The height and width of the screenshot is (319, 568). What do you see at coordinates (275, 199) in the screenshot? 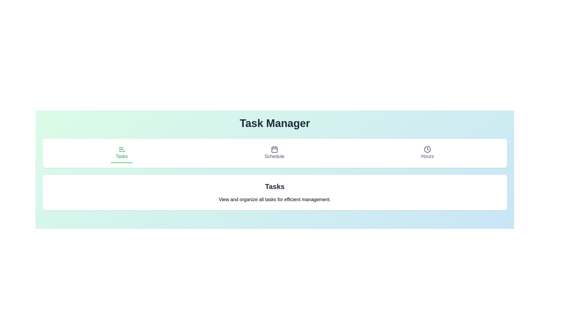
I see `the informational text that reads 'View and organize all tasks for efficient management.' located beneath the 'Tasks' header in the white rectangular section` at bounding box center [275, 199].